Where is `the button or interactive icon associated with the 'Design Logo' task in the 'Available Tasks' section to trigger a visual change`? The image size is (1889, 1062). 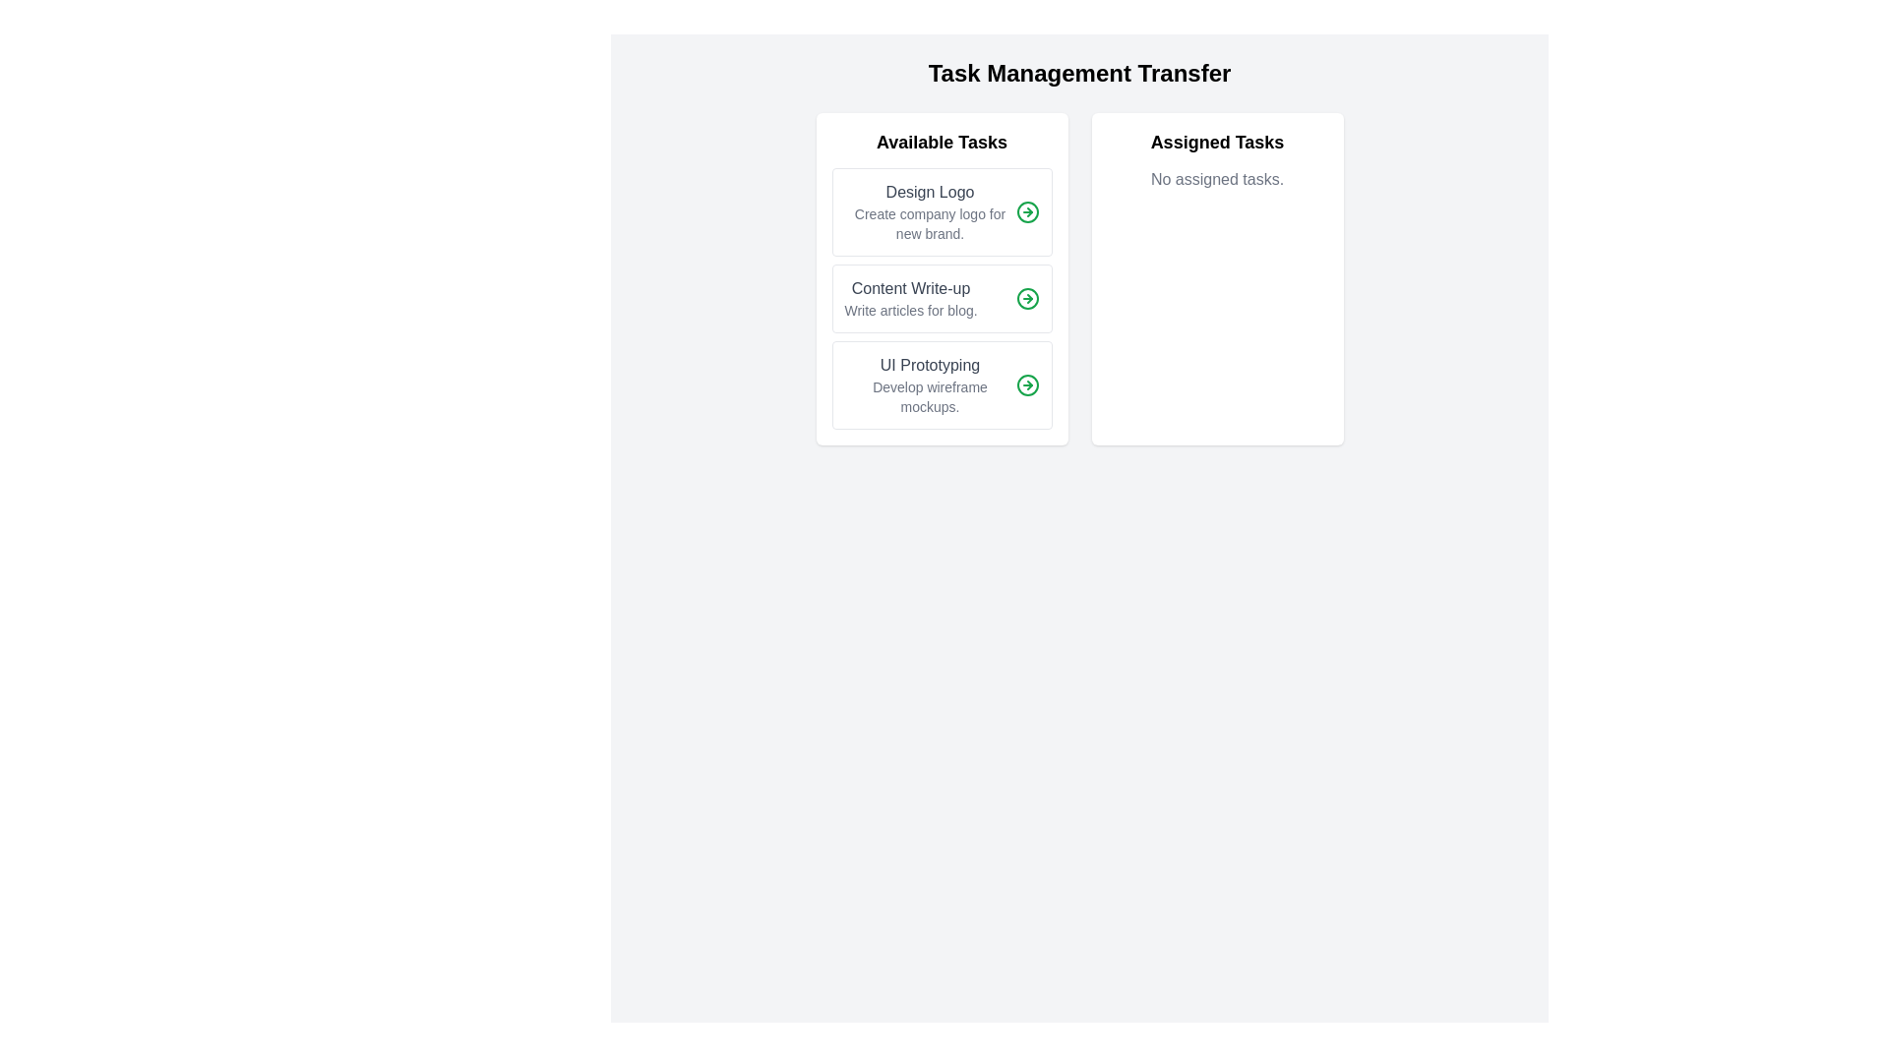 the button or interactive icon associated with the 'Design Logo' task in the 'Available Tasks' section to trigger a visual change is located at coordinates (1026, 212).